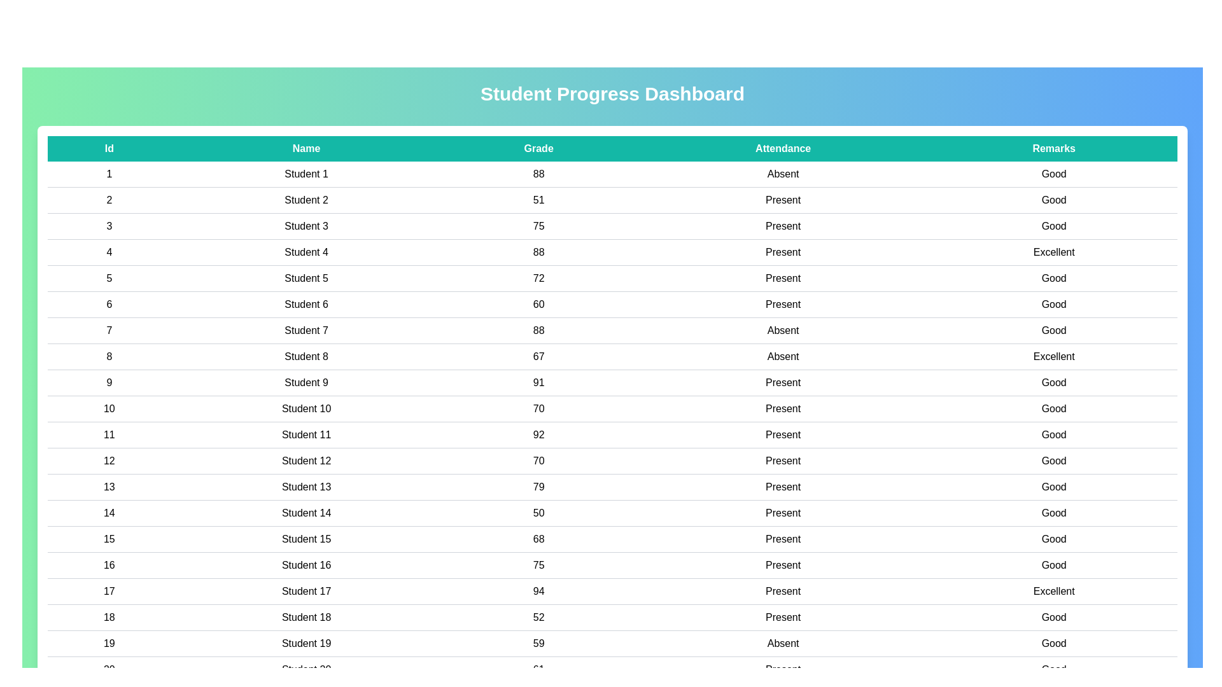 The image size is (1222, 687). I want to click on the column header Grade to sort the table by that column, so click(538, 148).